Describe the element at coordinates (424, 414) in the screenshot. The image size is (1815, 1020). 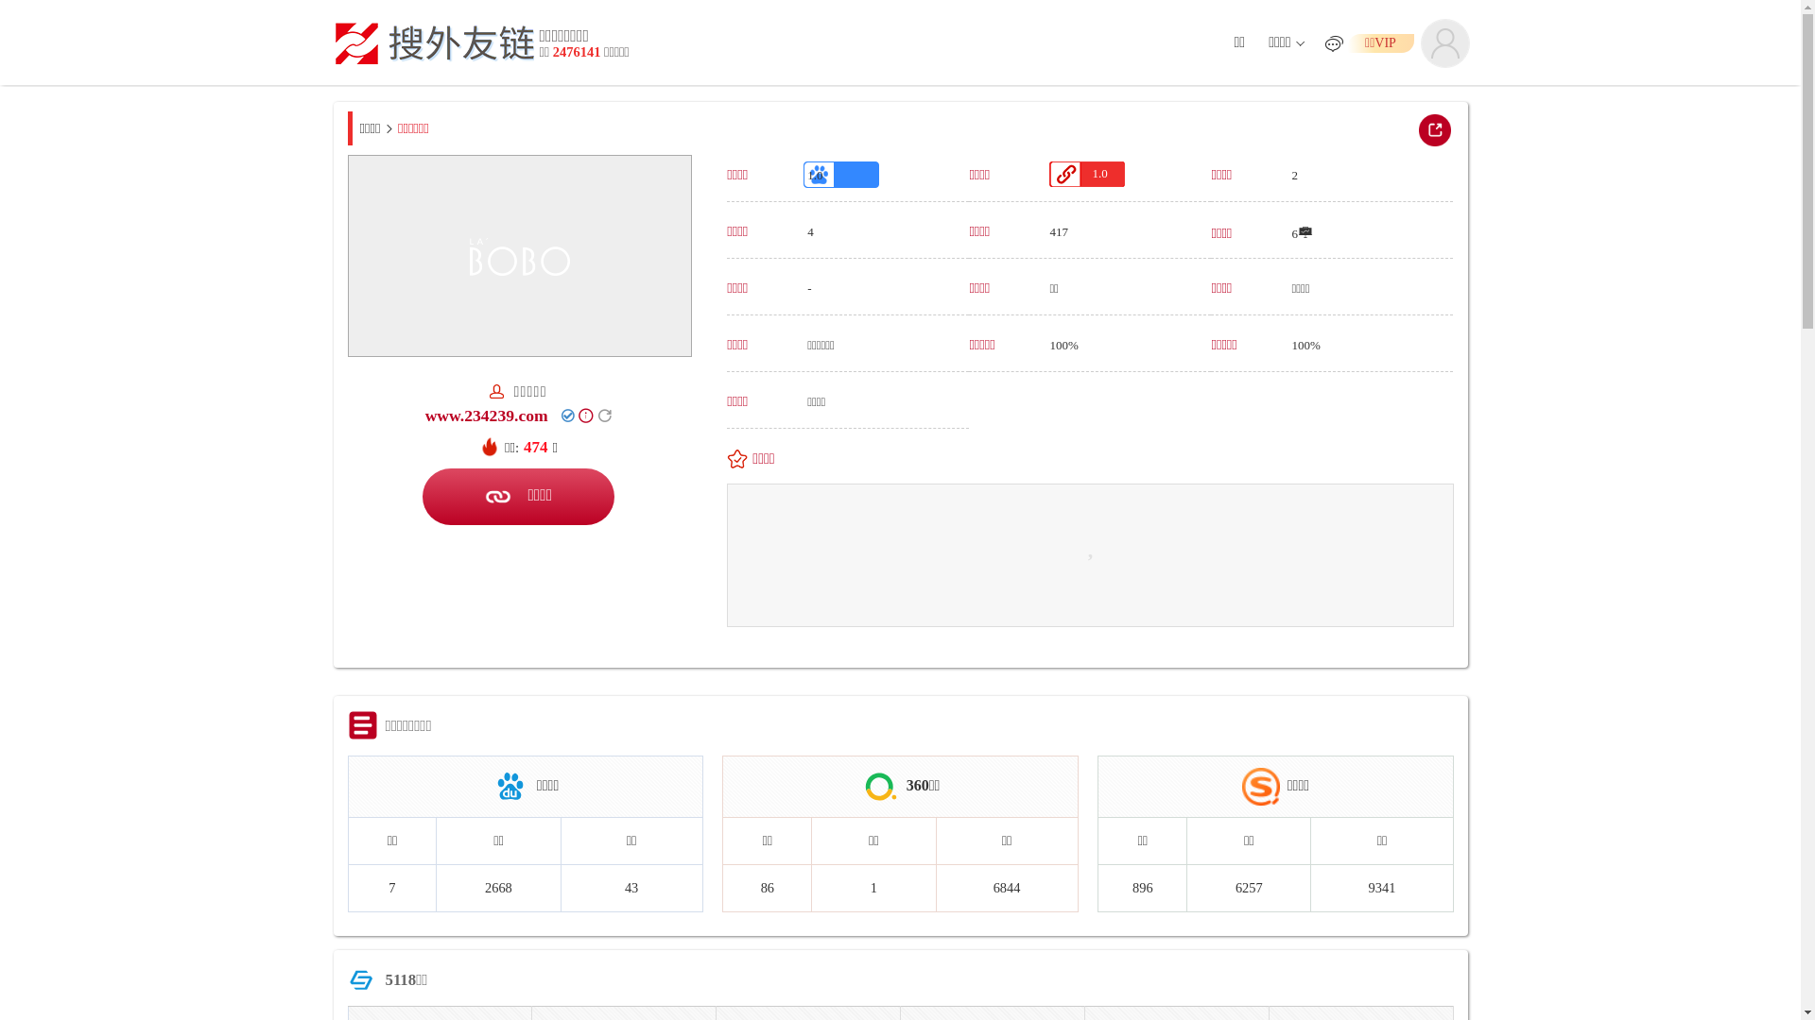
I see `'www.234239.com'` at that location.